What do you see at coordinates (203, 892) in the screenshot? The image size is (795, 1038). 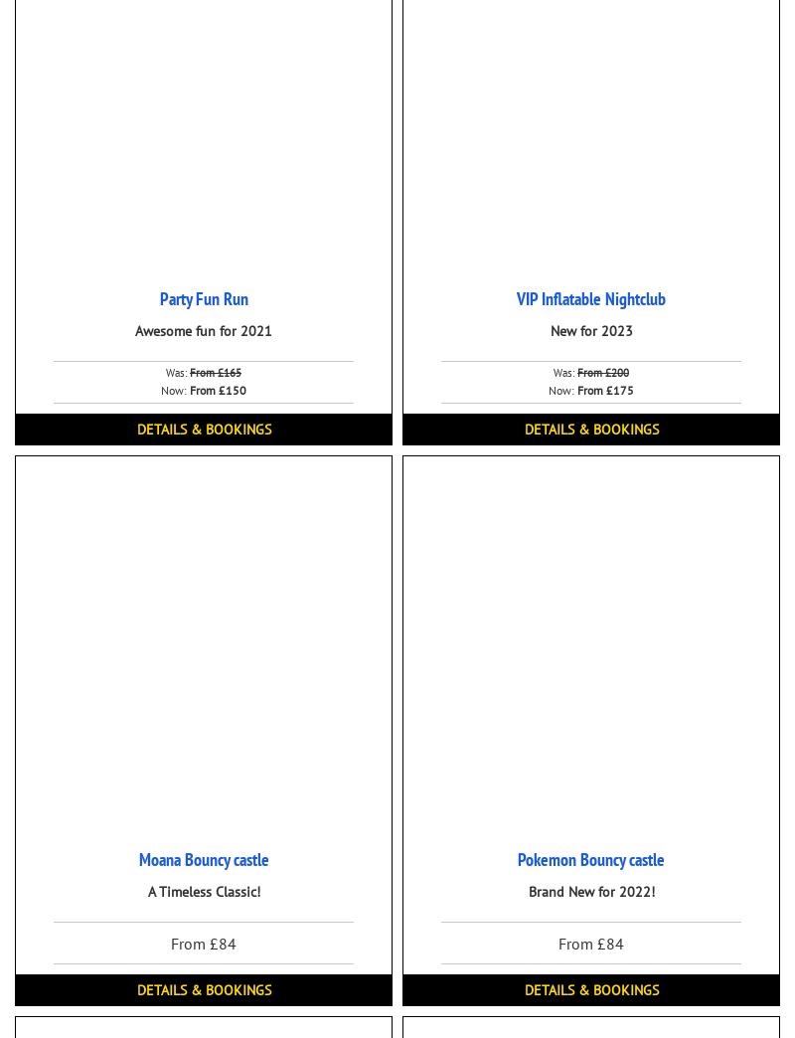 I see `'A Timeless Classic!'` at bounding box center [203, 892].